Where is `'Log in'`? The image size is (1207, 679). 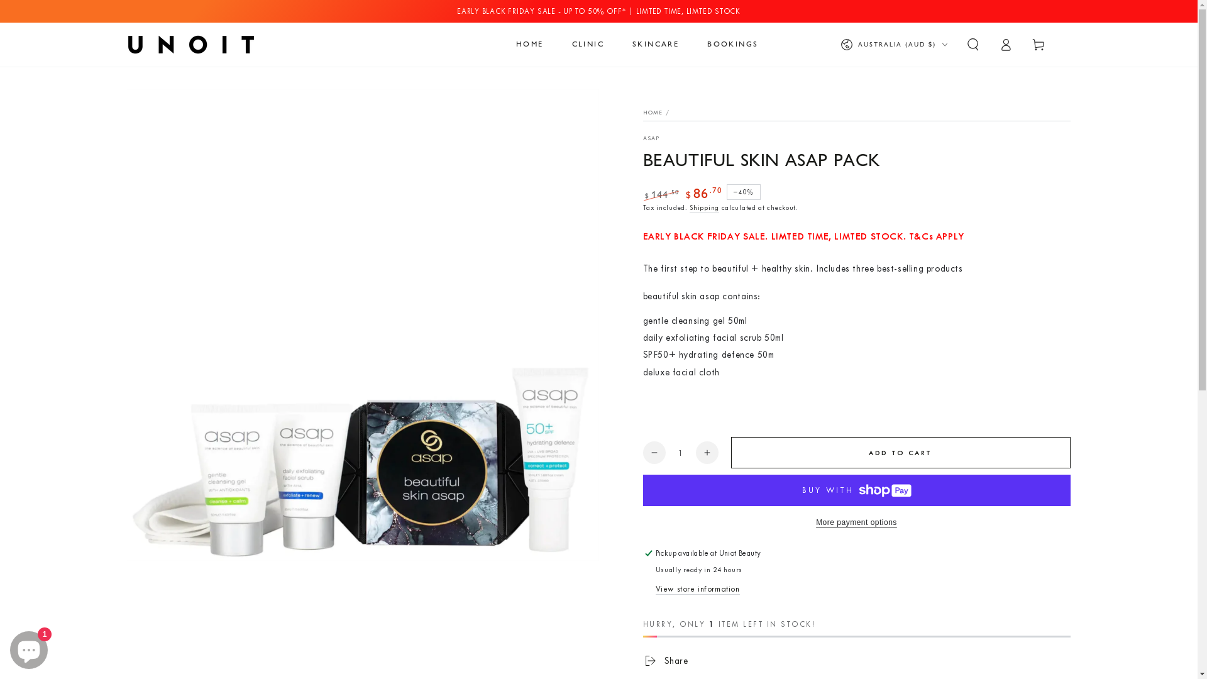 'Log in' is located at coordinates (1005, 43).